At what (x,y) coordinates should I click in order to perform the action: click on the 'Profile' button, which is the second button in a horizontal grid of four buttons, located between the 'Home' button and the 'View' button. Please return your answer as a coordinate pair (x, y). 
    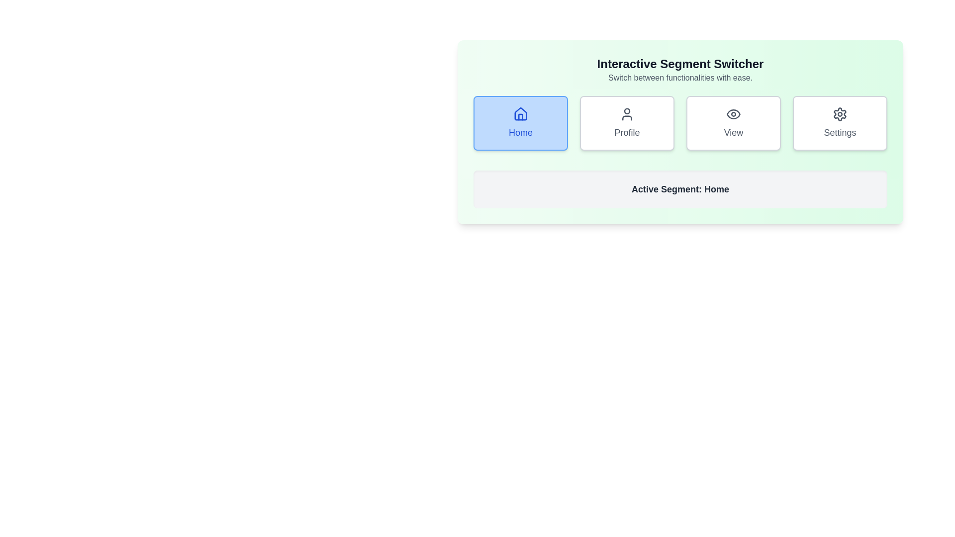
    Looking at the image, I should click on (627, 122).